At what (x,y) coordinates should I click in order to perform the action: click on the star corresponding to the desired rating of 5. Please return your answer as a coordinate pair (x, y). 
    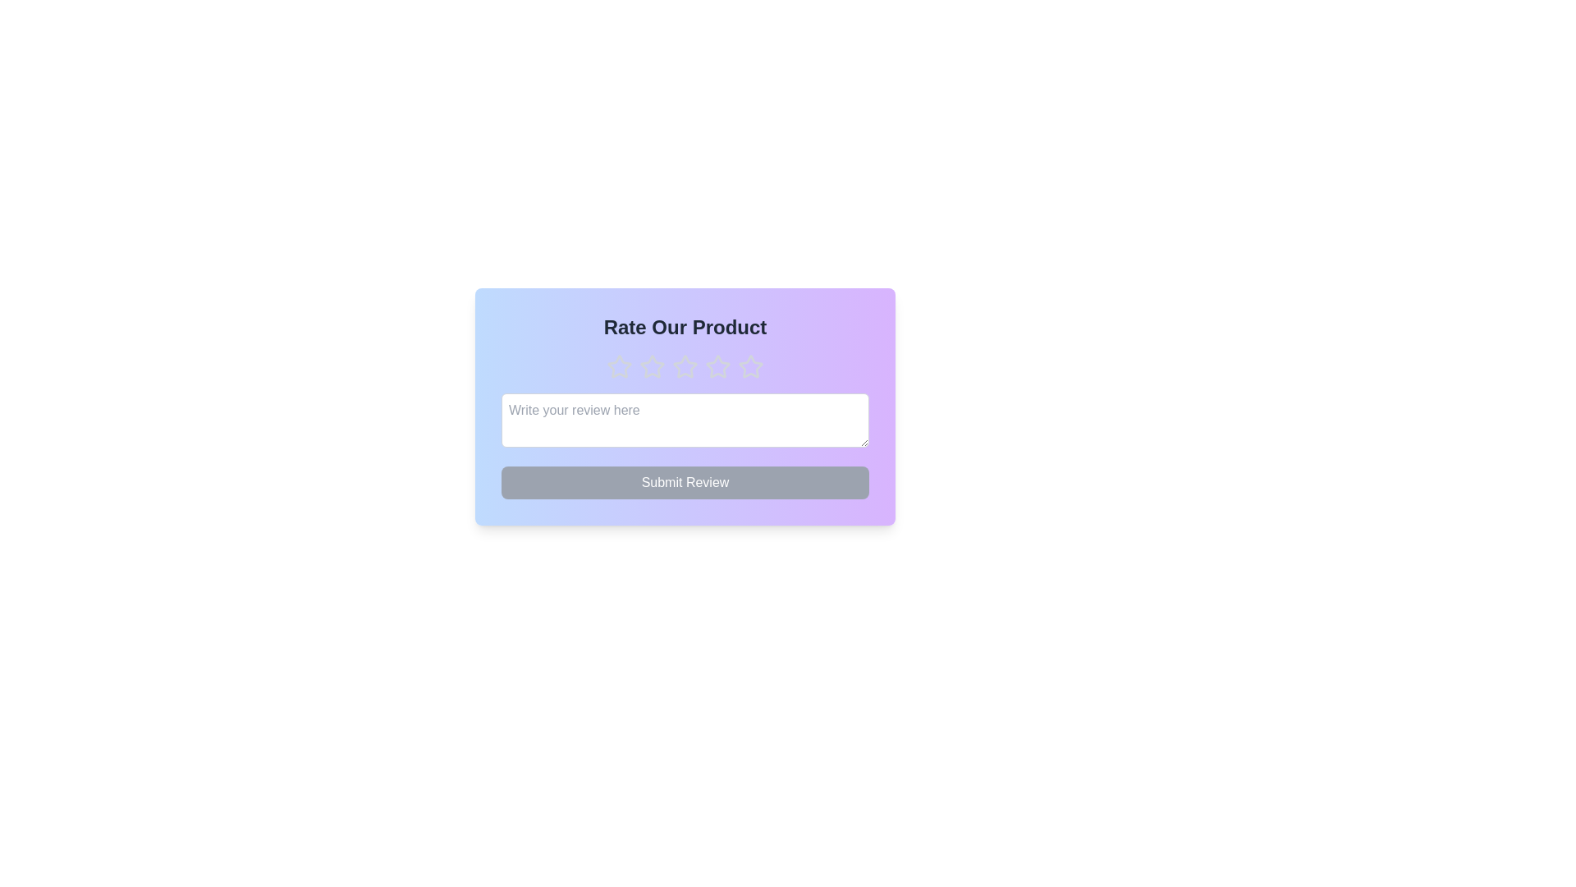
    Looking at the image, I should click on (750, 366).